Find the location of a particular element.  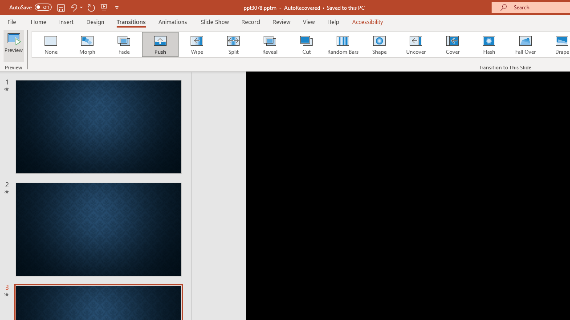

'Split' is located at coordinates (233, 44).